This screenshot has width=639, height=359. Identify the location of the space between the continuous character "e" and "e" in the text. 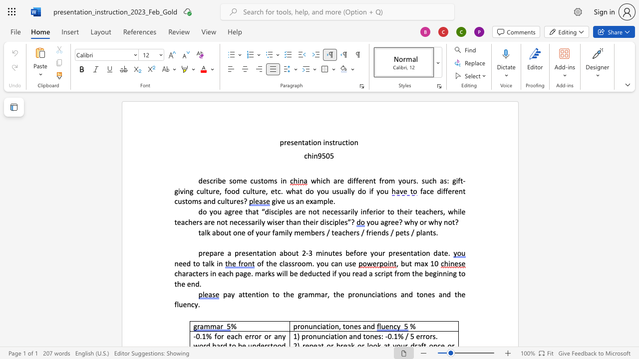
(182, 263).